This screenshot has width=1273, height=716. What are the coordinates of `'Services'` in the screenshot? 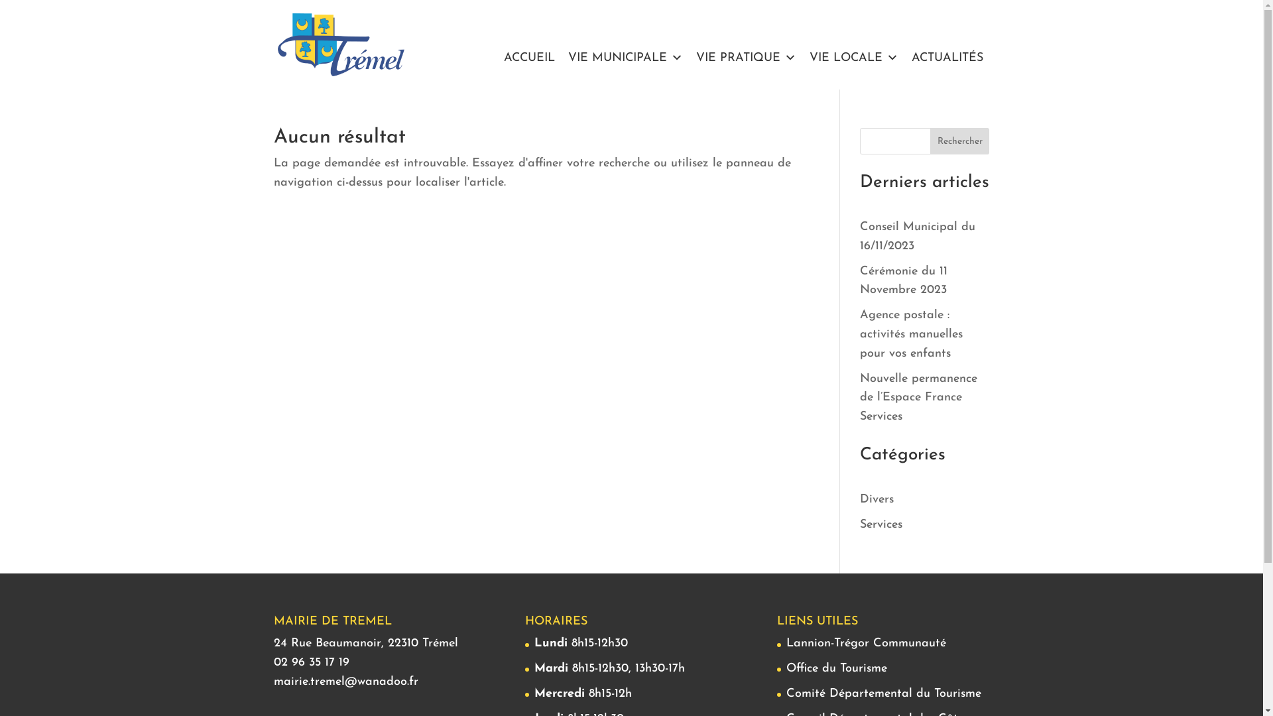 It's located at (881, 524).